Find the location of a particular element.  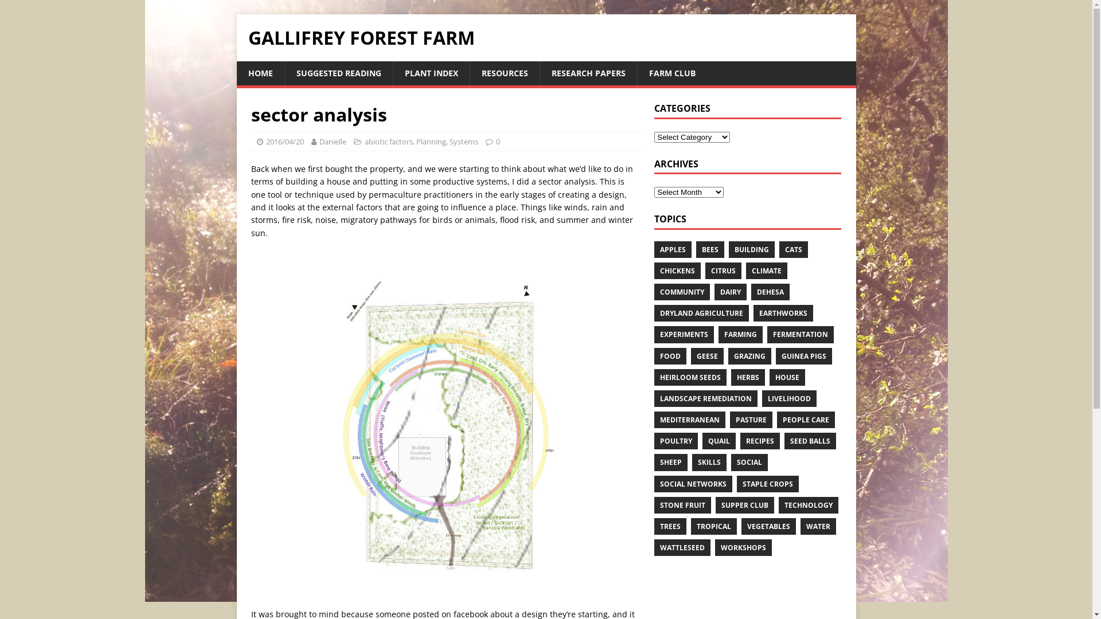

'PEOPLE CARE' is located at coordinates (805, 420).